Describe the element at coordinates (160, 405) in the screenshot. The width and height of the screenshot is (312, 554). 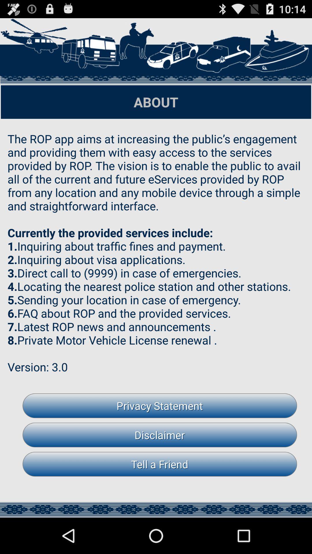
I see `the app below the the rop app` at that location.